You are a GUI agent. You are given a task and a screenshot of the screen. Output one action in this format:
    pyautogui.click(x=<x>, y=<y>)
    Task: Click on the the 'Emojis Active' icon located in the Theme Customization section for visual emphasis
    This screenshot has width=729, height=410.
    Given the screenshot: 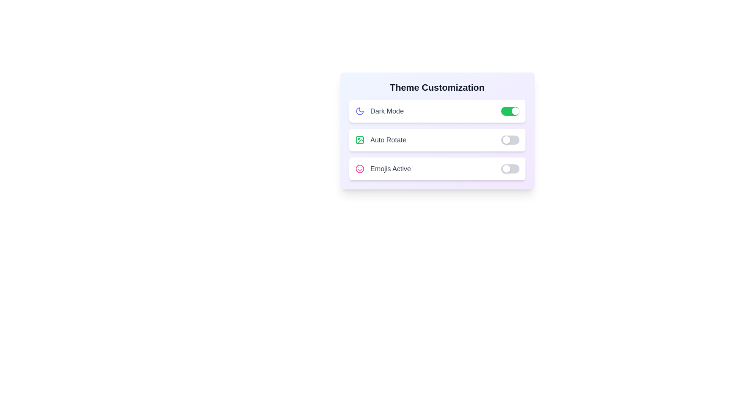 What is the action you would take?
    pyautogui.click(x=383, y=168)
    